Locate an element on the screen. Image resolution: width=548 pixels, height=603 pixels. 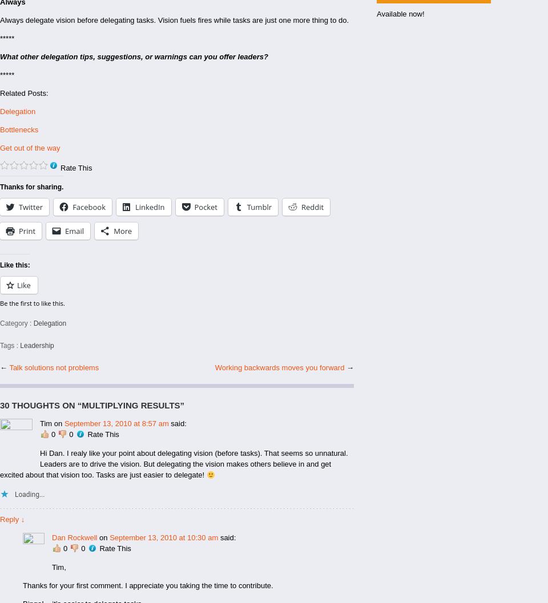
'30 thoughts on “' is located at coordinates (41, 404).